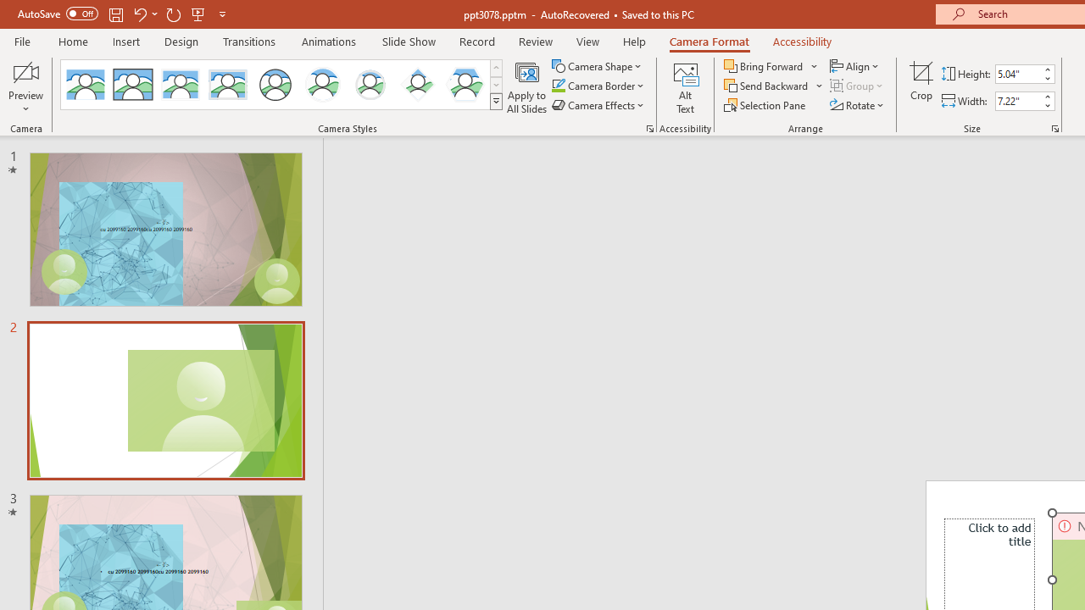  Describe the element at coordinates (771, 65) in the screenshot. I see `'Bring Forward'` at that location.